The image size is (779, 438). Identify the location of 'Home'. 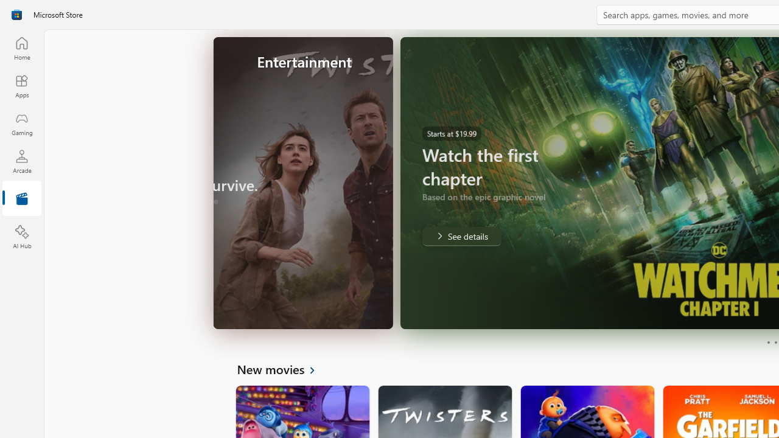
(21, 47).